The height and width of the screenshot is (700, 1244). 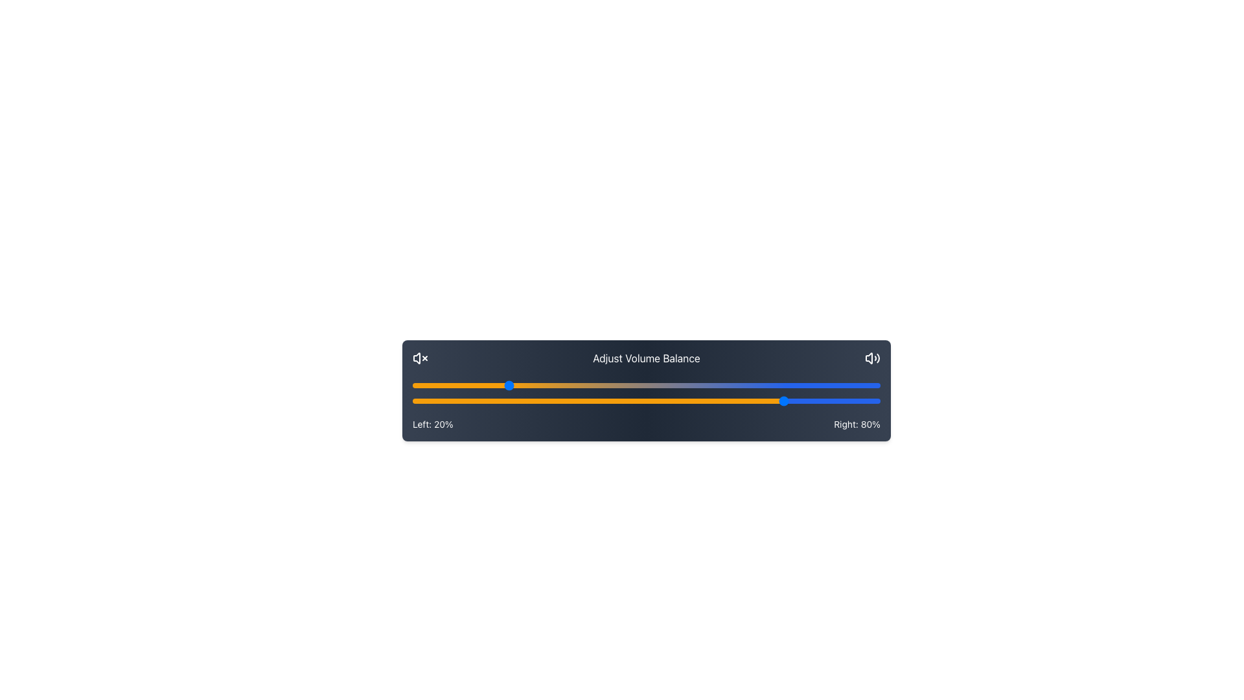 I want to click on the text label displaying the current balance percentage for the right channel in the volume control interface, so click(x=857, y=425).